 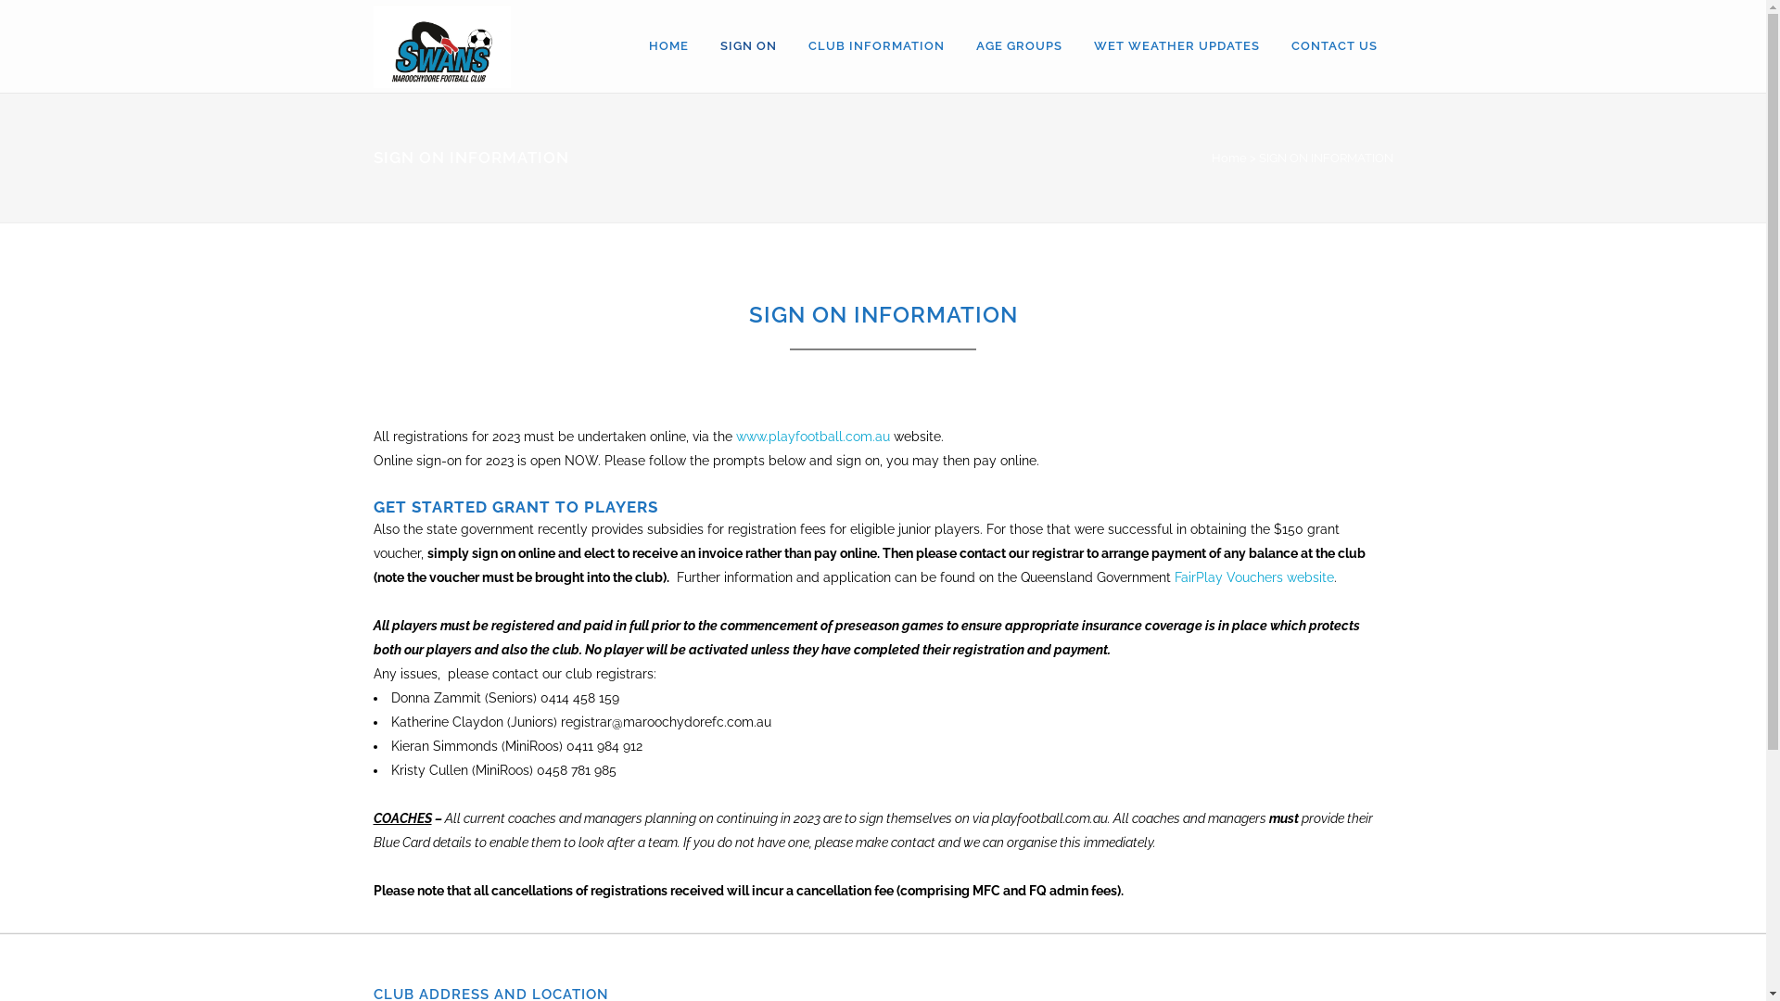 What do you see at coordinates (1253, 577) in the screenshot?
I see `'FairPlay Vouchers website'` at bounding box center [1253, 577].